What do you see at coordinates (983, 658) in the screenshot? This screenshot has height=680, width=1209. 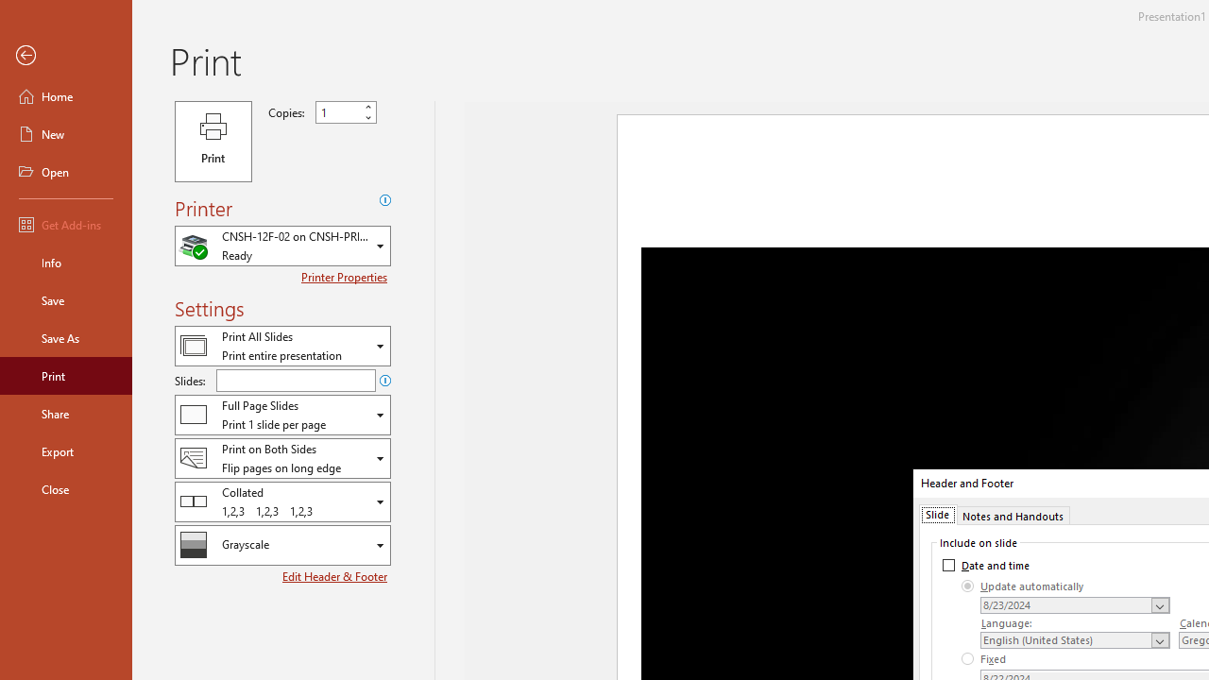 I see `'Fixed'` at bounding box center [983, 658].